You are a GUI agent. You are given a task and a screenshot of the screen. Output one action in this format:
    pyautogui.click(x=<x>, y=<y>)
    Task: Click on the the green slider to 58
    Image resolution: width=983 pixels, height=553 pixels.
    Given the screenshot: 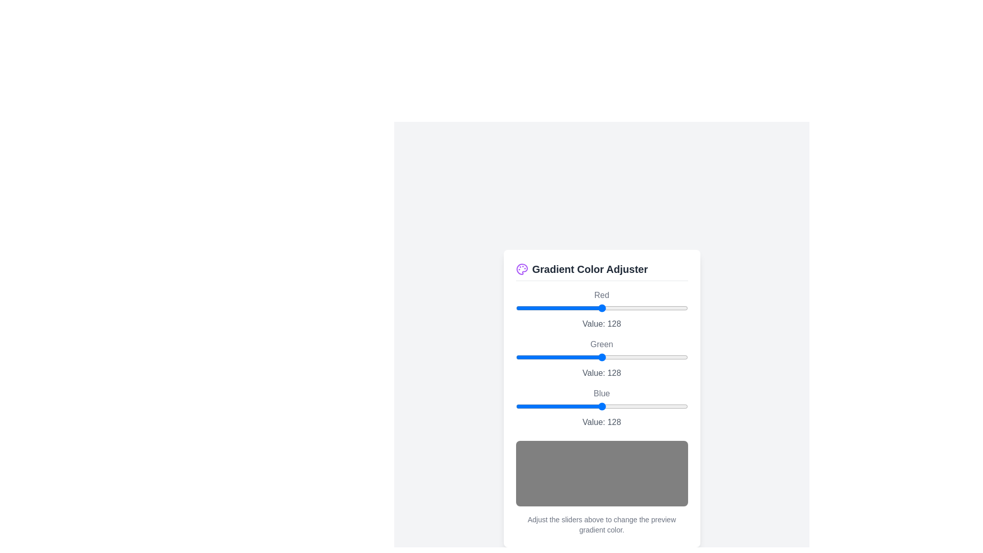 What is the action you would take?
    pyautogui.click(x=554, y=356)
    